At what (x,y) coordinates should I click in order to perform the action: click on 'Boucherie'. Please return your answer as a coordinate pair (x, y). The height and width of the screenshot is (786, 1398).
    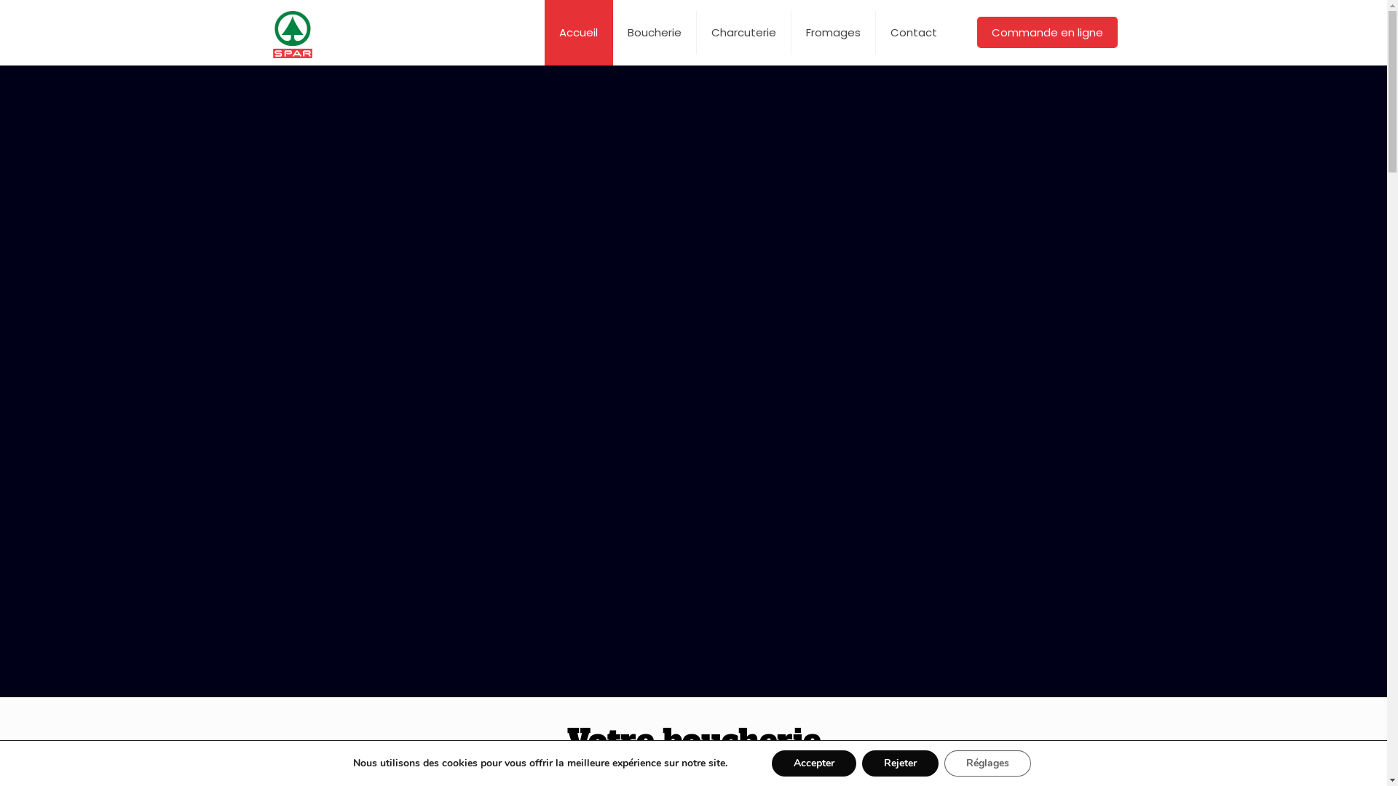
    Looking at the image, I should click on (654, 33).